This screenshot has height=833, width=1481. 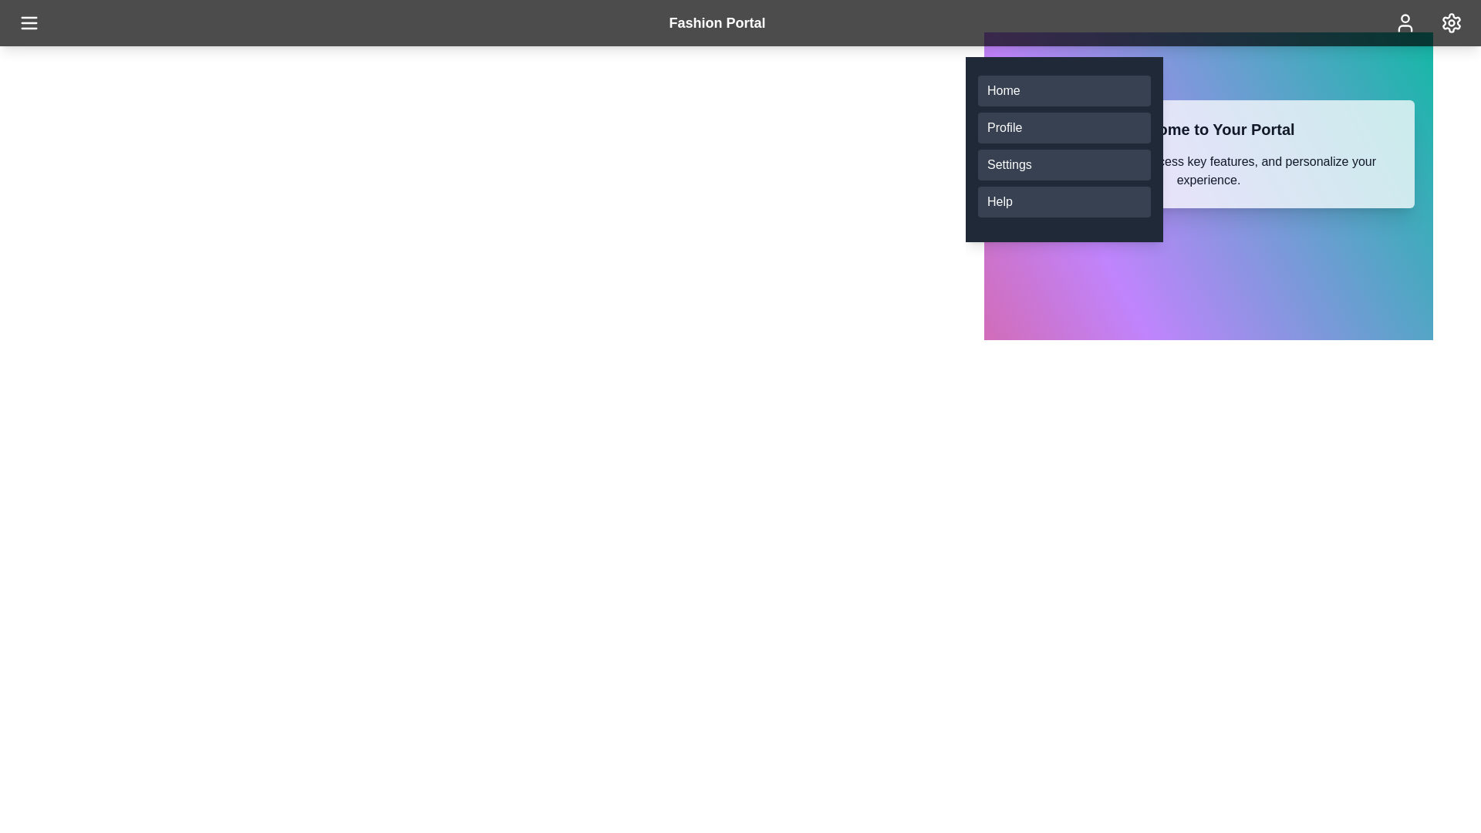 I want to click on the user profile button located at the top-right corner of the app bar, so click(x=1405, y=23).